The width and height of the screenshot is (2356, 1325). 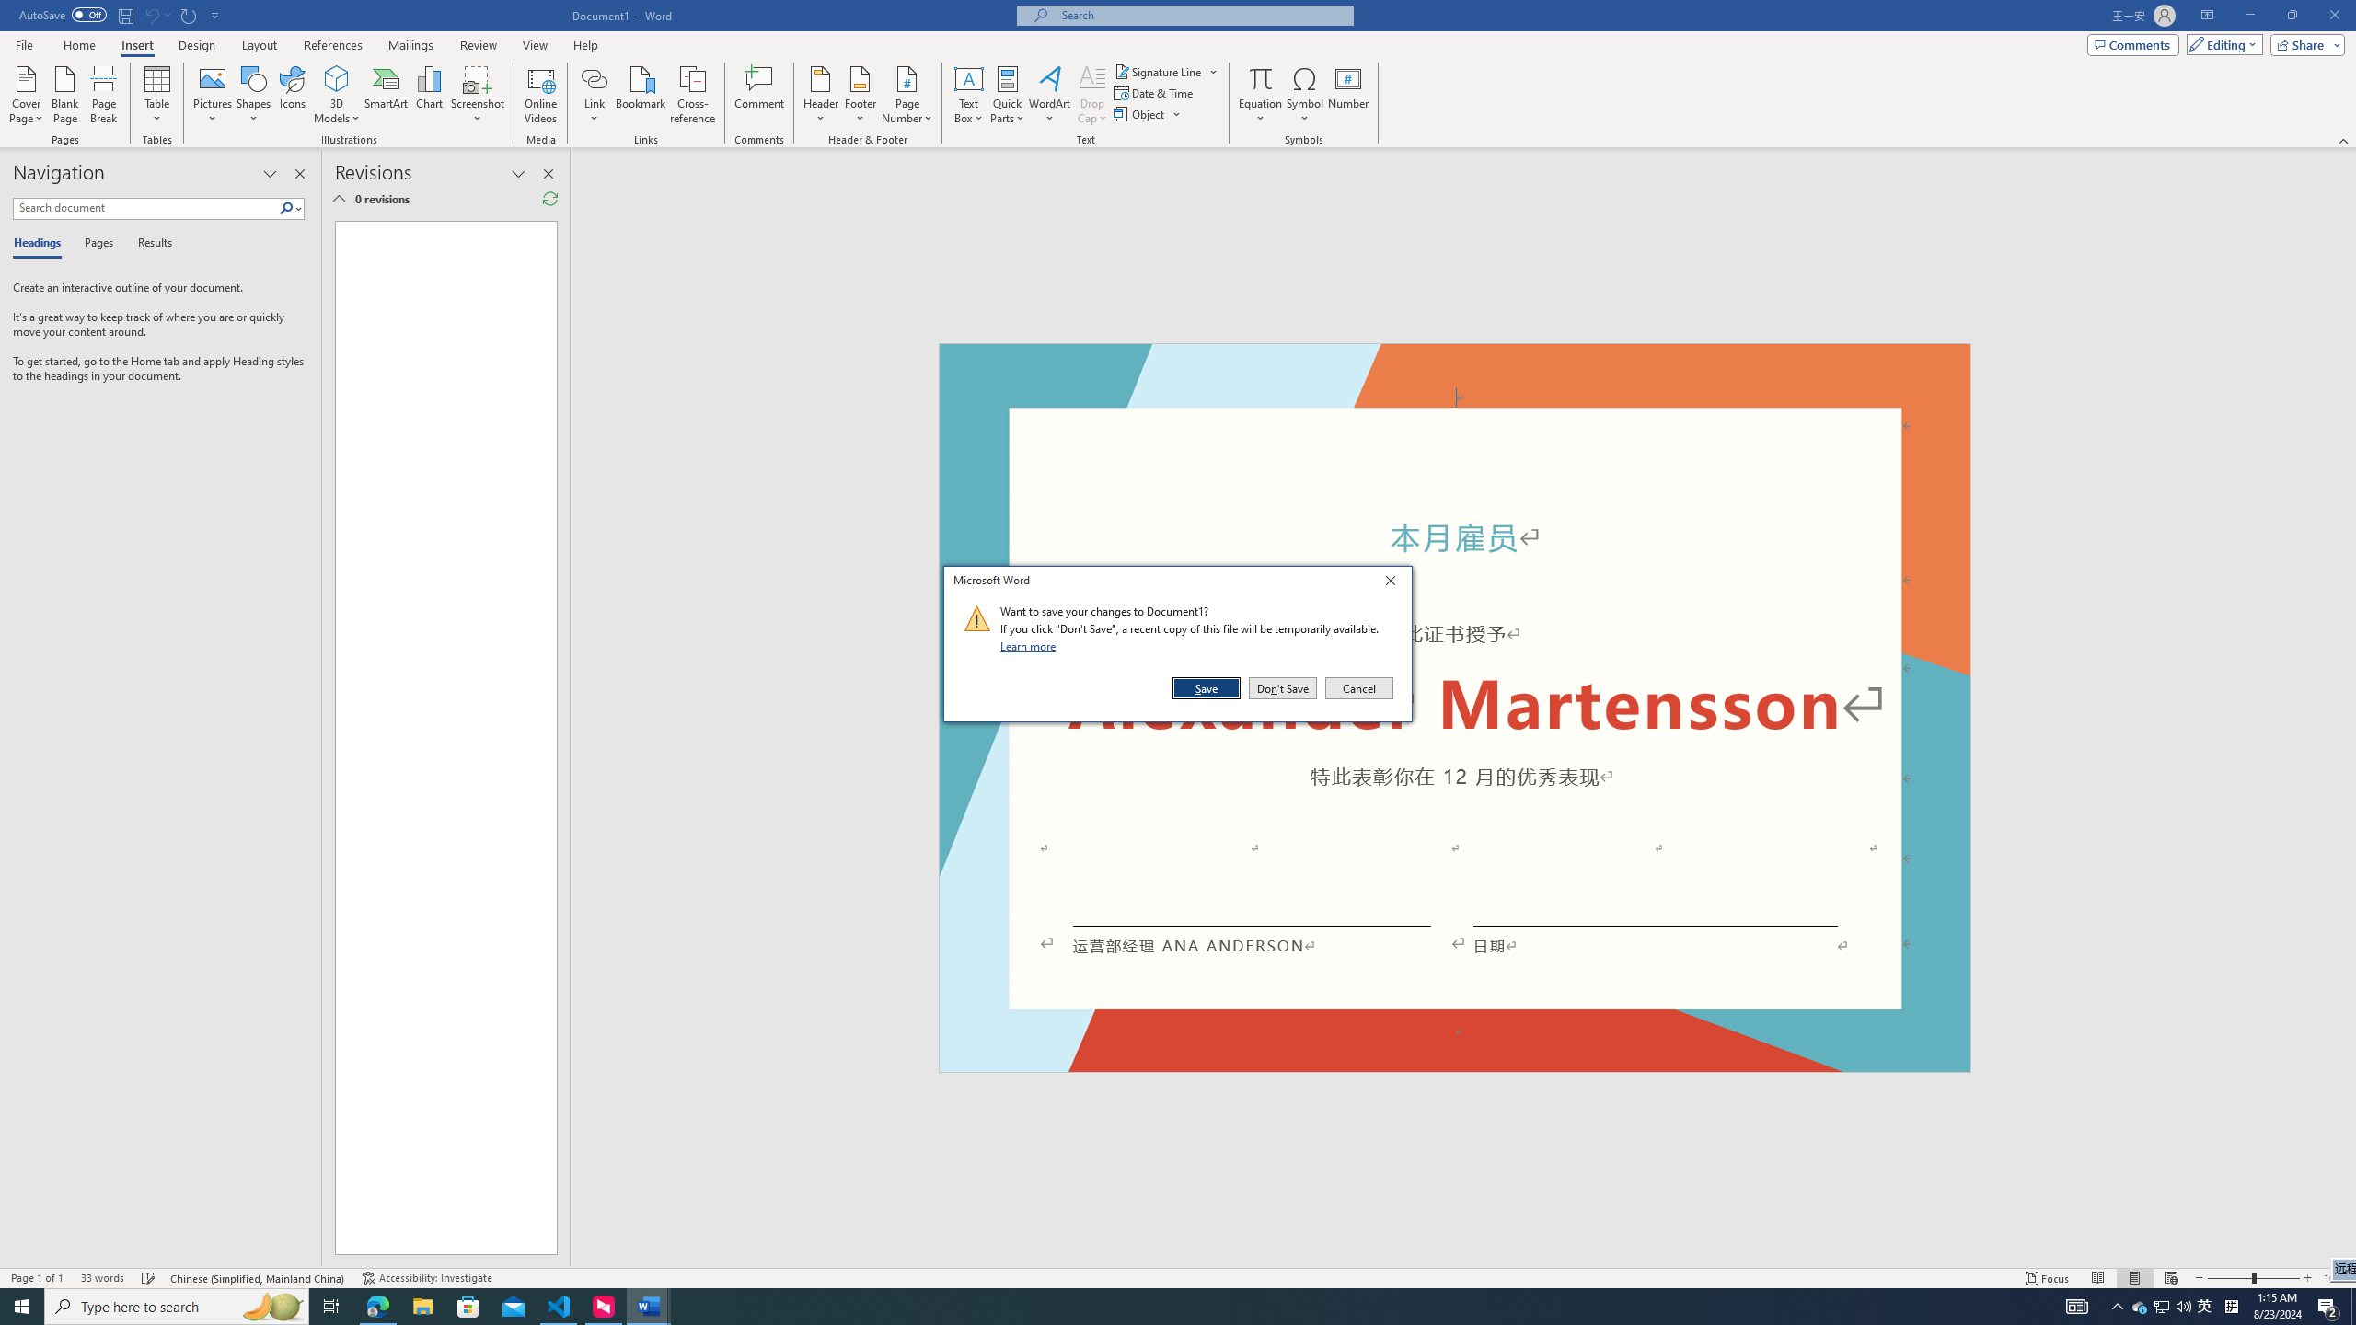 What do you see at coordinates (1140, 112) in the screenshot?
I see `'Object...'` at bounding box center [1140, 112].